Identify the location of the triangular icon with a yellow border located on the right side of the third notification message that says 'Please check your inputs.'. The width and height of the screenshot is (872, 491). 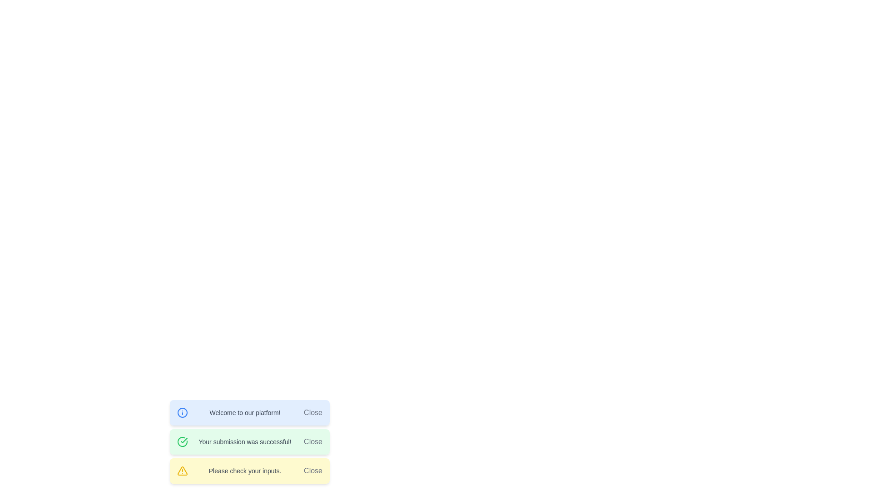
(182, 471).